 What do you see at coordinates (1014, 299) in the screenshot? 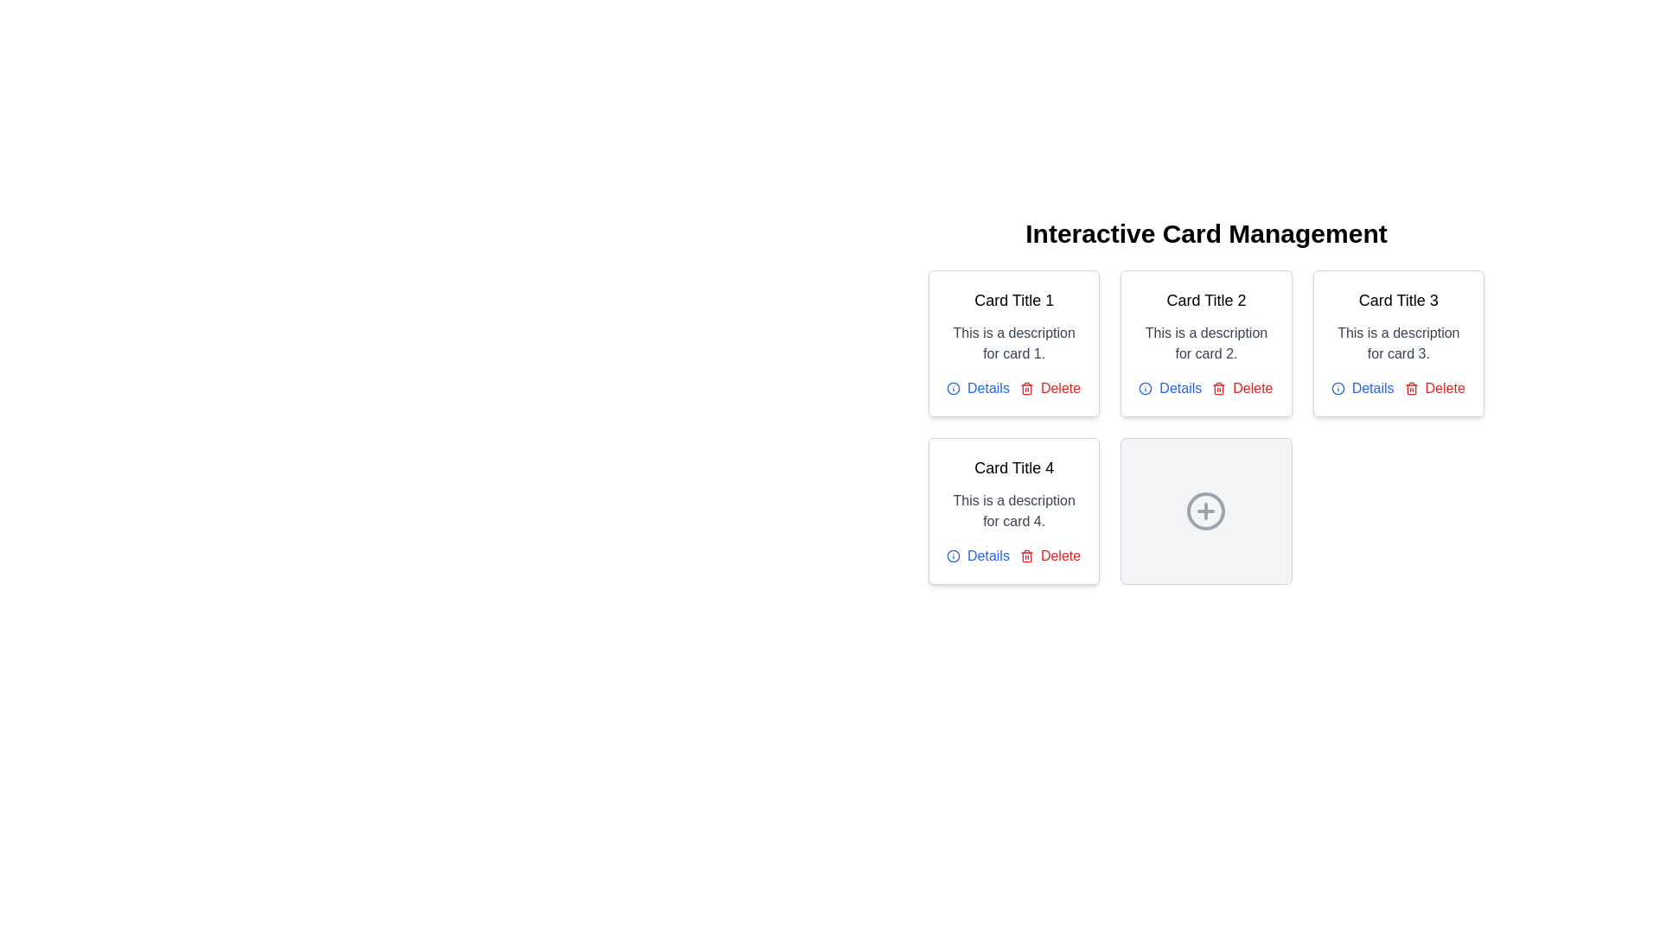
I see `the header text labeled 'Card Title 1', which identifies the first card in the grid layout located in the upper-left corner of the cards section` at bounding box center [1014, 299].